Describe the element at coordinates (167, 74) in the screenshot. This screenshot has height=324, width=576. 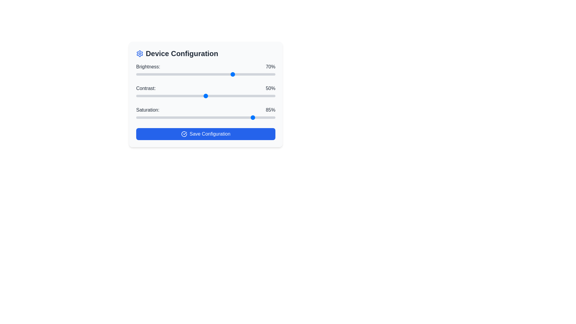
I see `brightness` at that location.